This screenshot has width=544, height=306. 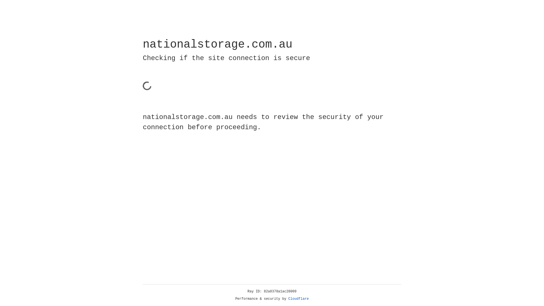 I want to click on 'Cloudflare', so click(x=298, y=299).